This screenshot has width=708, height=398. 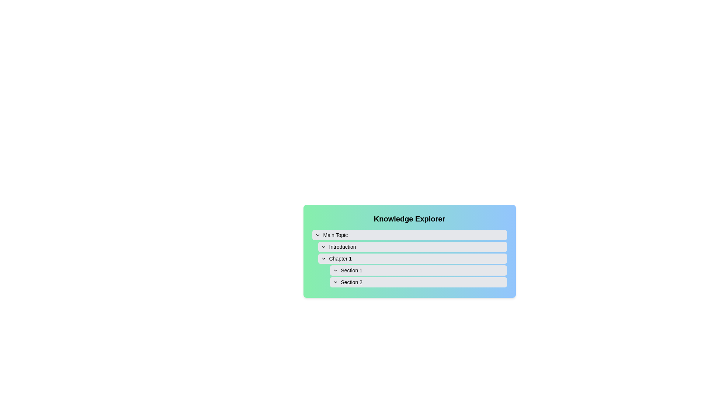 I want to click on the toggle button labeled 'Chapter 1' to interact with this section, which is styled as a list item with rounded corners and a light gray background, so click(x=412, y=258).